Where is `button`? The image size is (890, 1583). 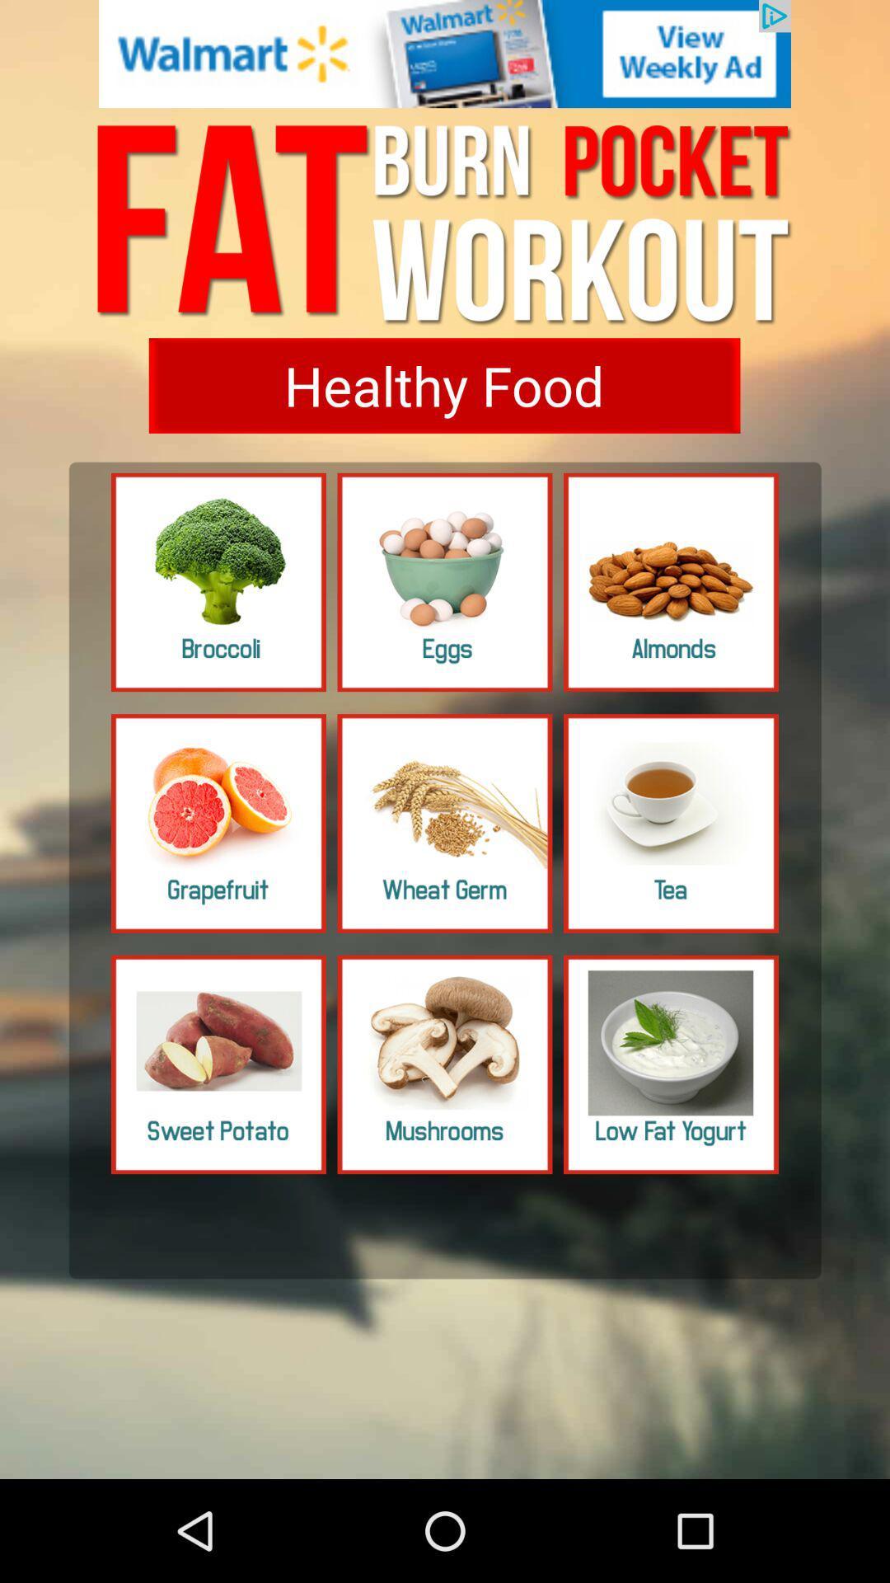 button is located at coordinates (443, 384).